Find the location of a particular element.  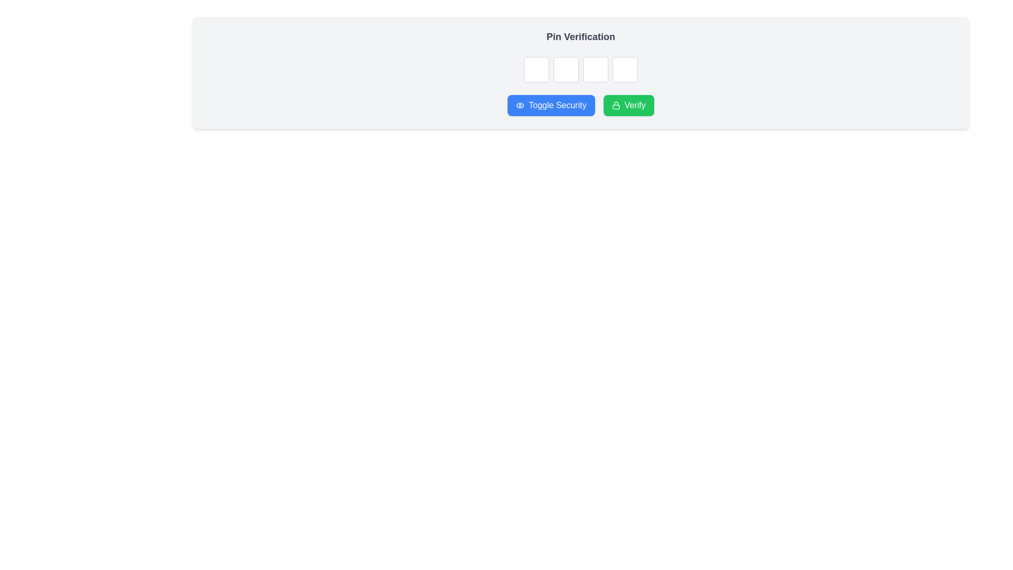

the green 'Verify' button is located at coordinates (628, 106).